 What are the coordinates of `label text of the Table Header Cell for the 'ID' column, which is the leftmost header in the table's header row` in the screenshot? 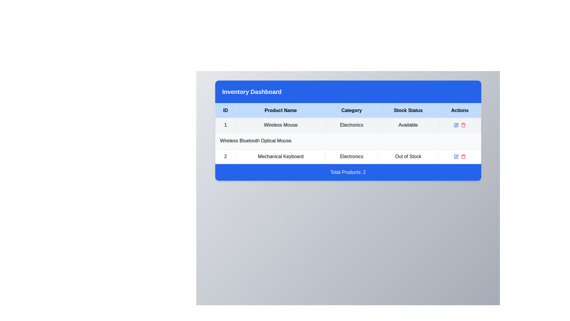 It's located at (225, 110).